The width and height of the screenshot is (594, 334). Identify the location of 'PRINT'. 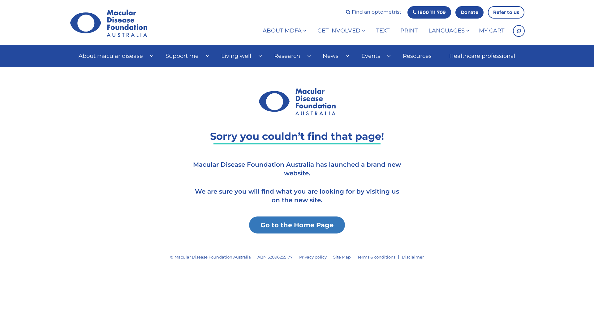
(409, 31).